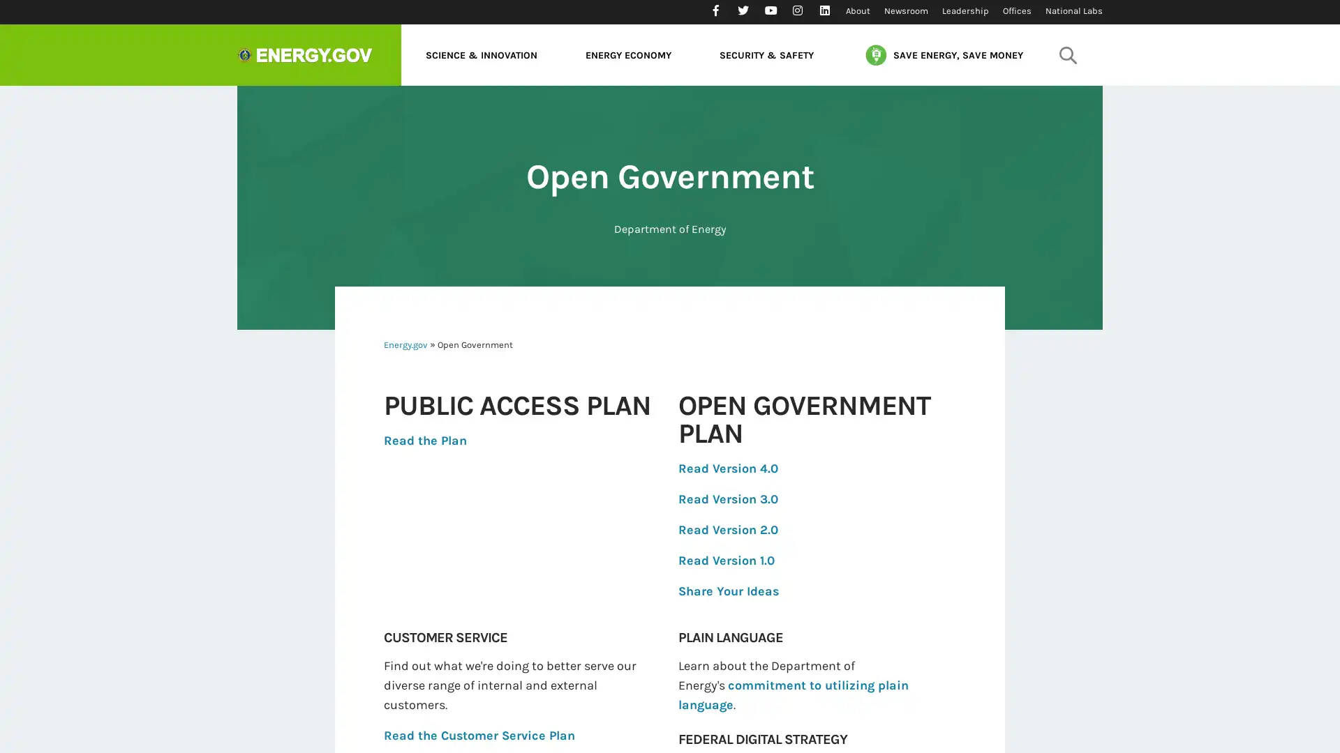 The image size is (1340, 753). What do you see at coordinates (1064, 94) in the screenshot?
I see `SEARCH` at bounding box center [1064, 94].